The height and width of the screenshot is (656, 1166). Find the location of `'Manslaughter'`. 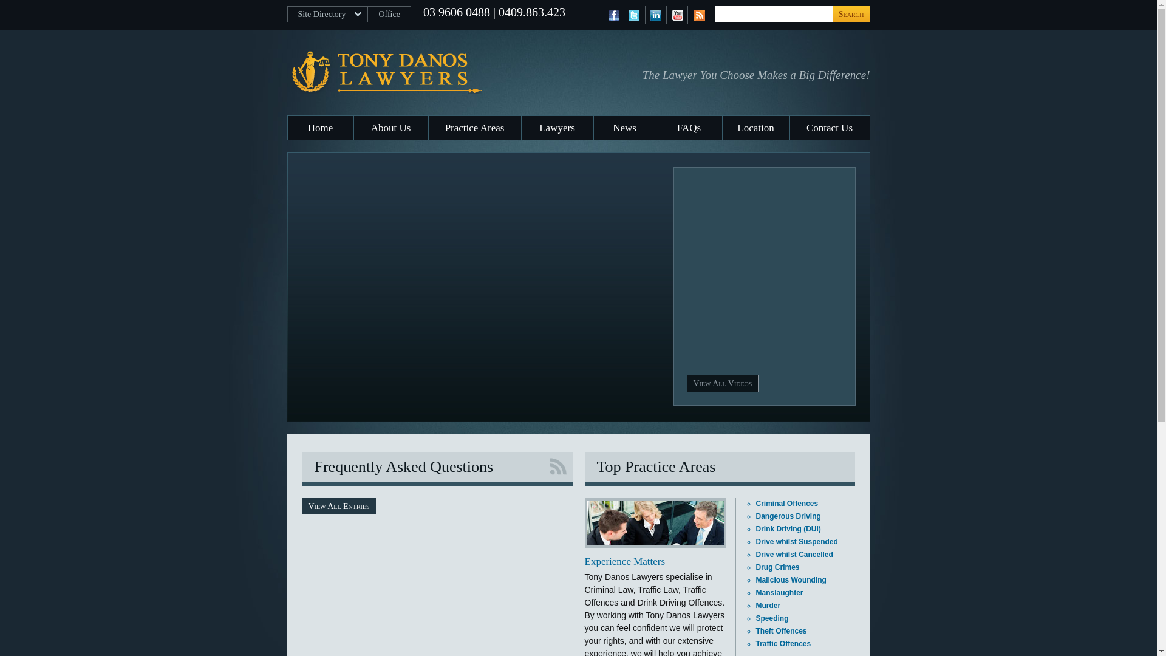

'Manslaughter' is located at coordinates (779, 592).